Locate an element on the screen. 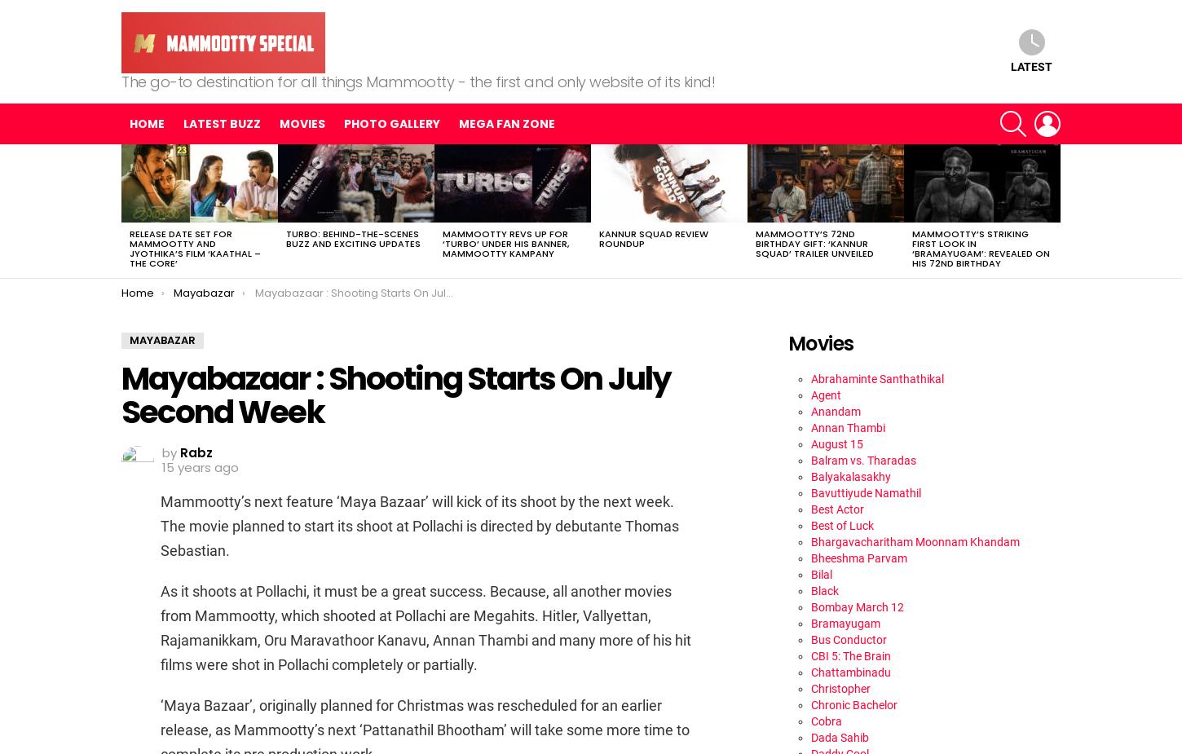  'Cobra' is located at coordinates (810, 721).